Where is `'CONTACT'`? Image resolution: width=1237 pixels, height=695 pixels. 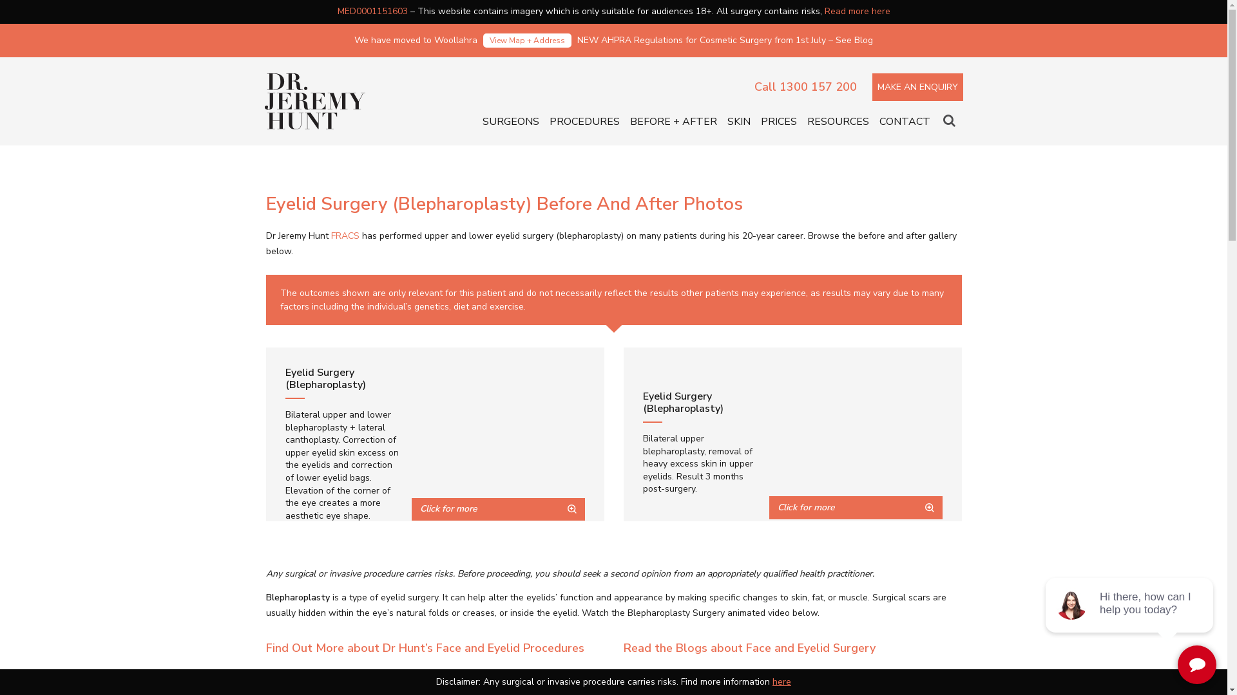 'CONTACT' is located at coordinates (903, 122).